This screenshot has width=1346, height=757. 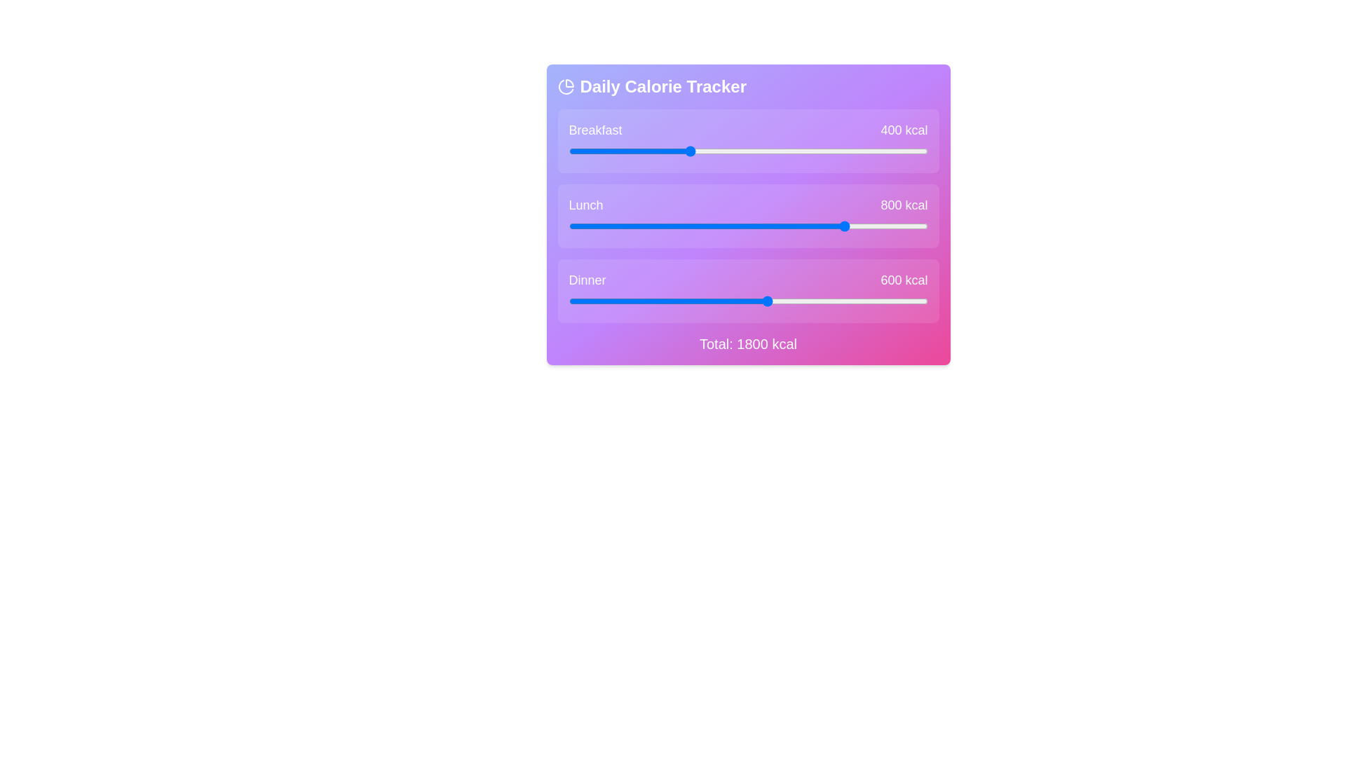 What do you see at coordinates (617, 151) in the screenshot?
I see `the breakfast calorie value` at bounding box center [617, 151].